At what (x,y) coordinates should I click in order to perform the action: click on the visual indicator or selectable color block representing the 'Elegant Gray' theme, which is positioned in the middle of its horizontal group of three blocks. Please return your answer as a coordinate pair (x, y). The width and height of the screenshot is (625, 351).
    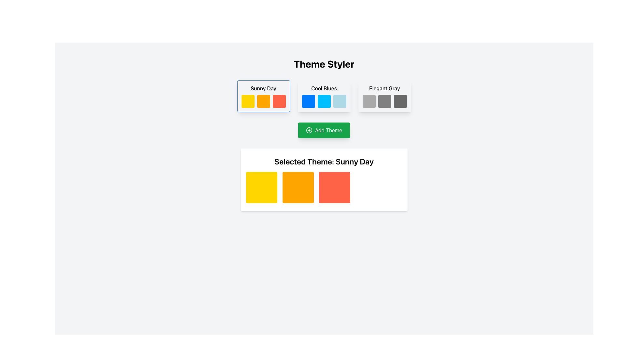
    Looking at the image, I should click on (384, 101).